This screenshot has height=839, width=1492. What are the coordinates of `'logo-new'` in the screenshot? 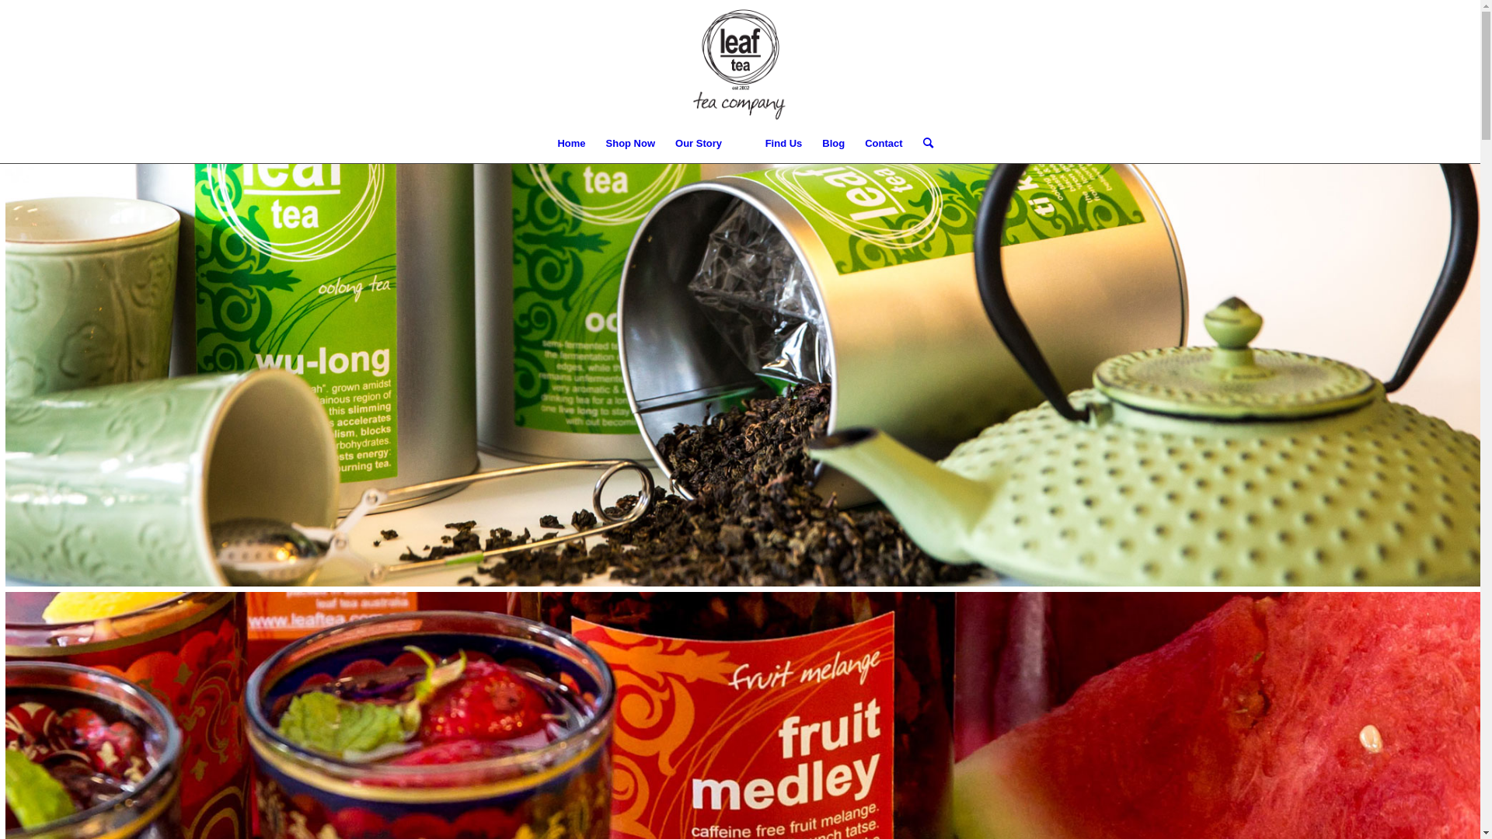 It's located at (739, 61).